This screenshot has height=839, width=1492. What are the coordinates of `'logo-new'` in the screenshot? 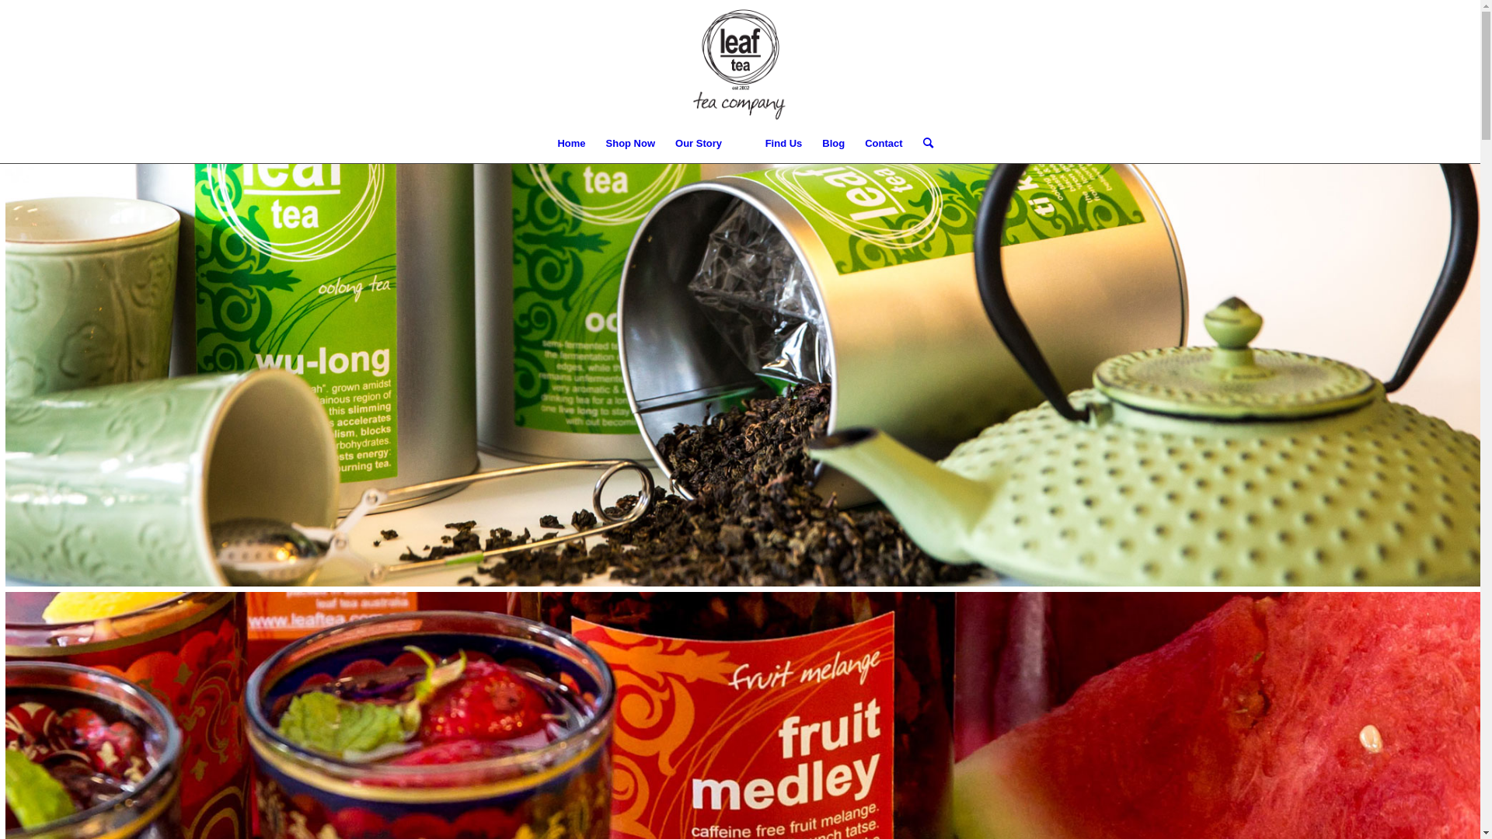 It's located at (739, 61).